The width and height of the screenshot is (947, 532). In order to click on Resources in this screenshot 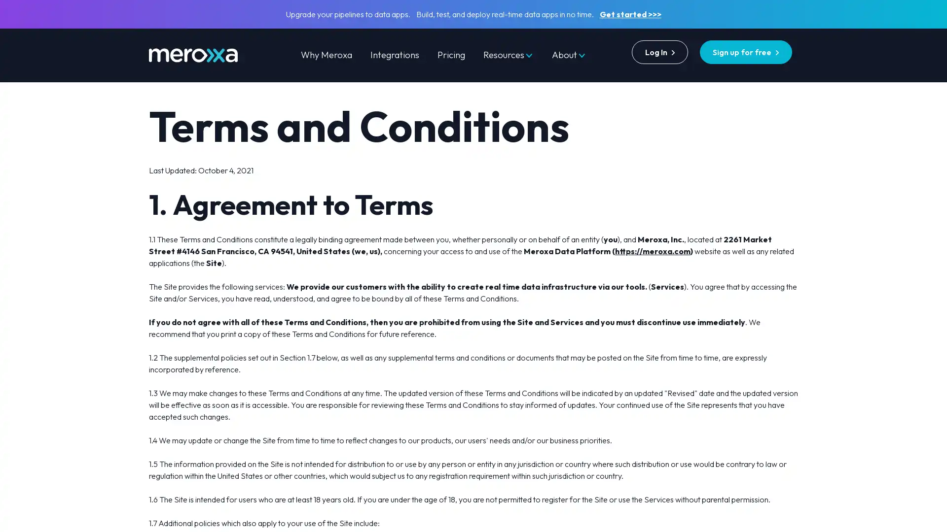, I will do `click(508, 55)`.